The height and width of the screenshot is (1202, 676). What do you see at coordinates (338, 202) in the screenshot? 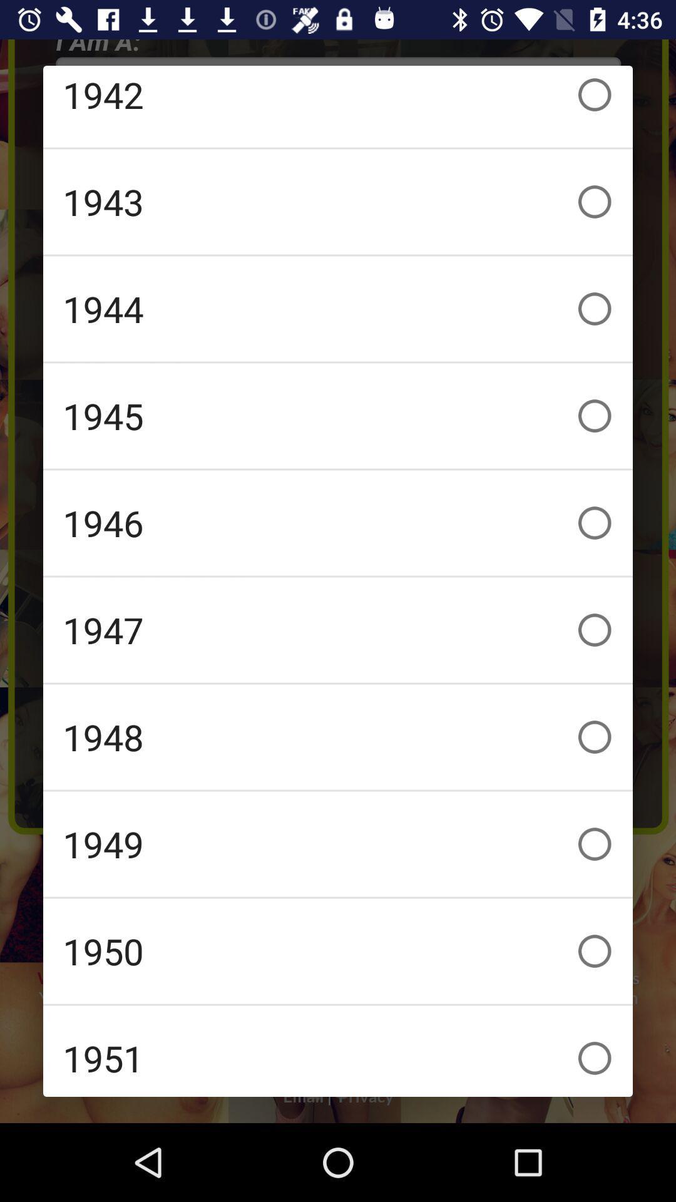
I see `the item above 1944 icon` at bounding box center [338, 202].